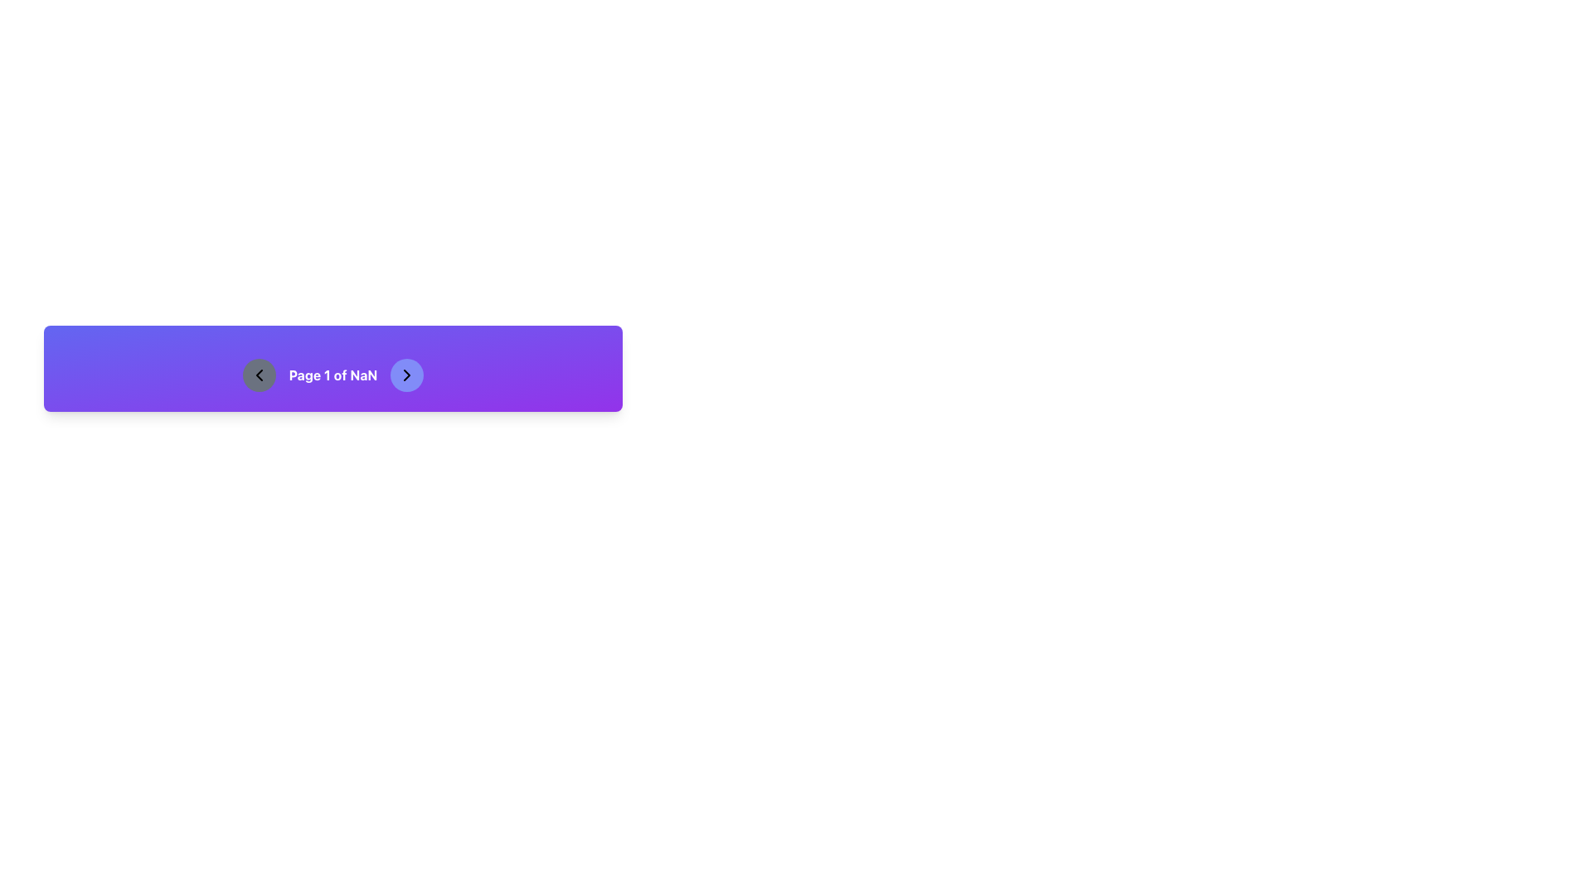  Describe the element at coordinates (407, 375) in the screenshot. I see `the right-pointing chevron SVG icon, which is located next to the text 'Page 1 of NaN'` at that location.